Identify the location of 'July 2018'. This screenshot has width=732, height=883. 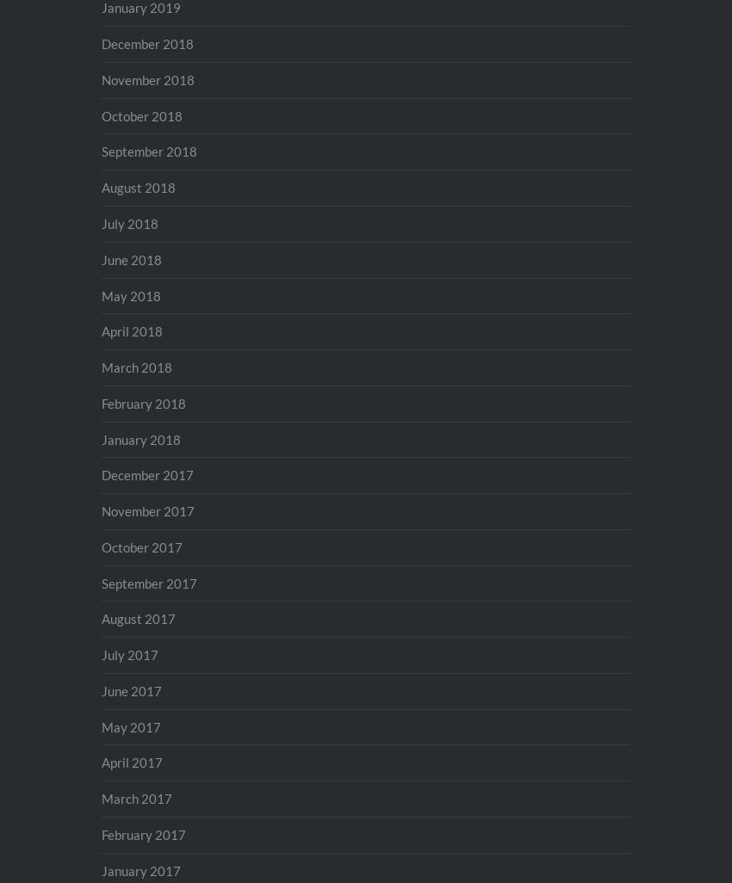
(100, 221).